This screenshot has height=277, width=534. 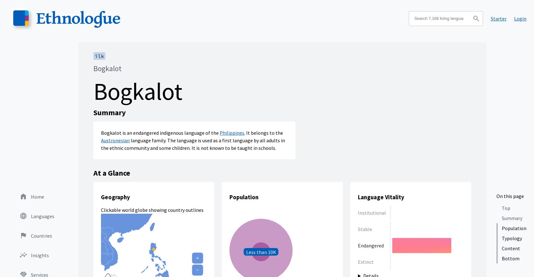 I want to click on 'Services', so click(x=39, y=89).